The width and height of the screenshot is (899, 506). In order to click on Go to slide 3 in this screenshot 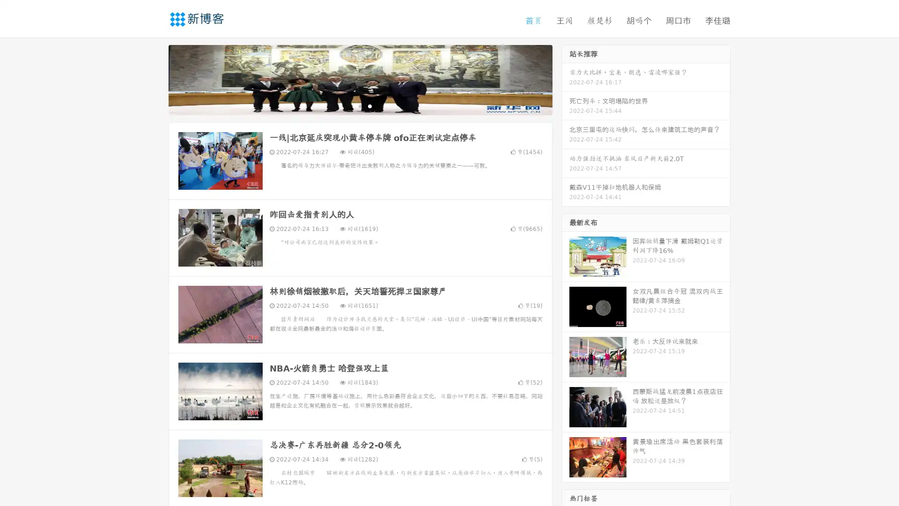, I will do `click(369, 105)`.